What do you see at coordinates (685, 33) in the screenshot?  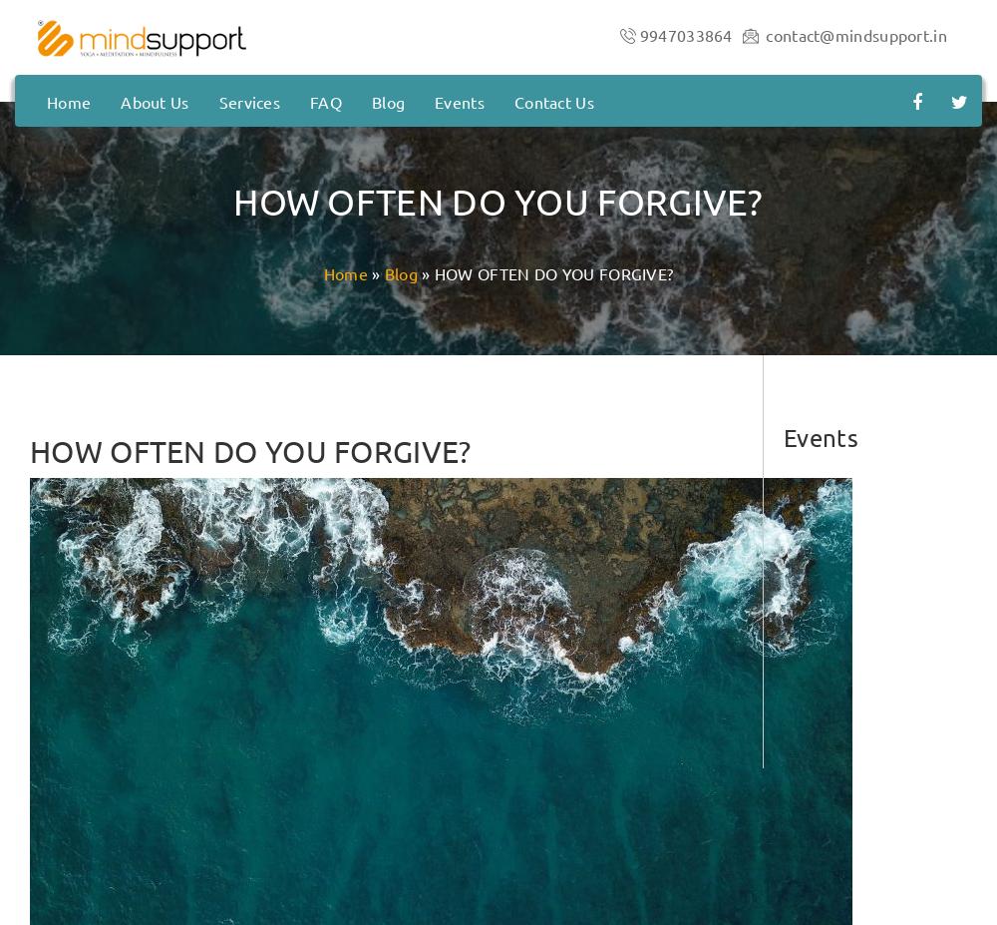 I see `'9947033864'` at bounding box center [685, 33].